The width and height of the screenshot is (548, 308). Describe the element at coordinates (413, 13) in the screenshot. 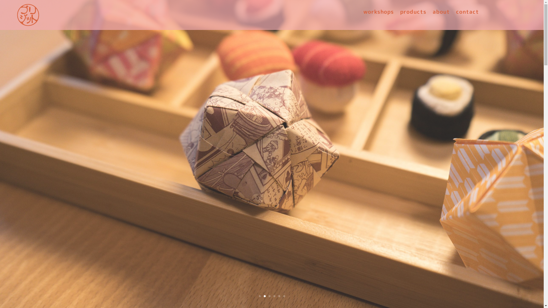

I see `'products'` at that location.